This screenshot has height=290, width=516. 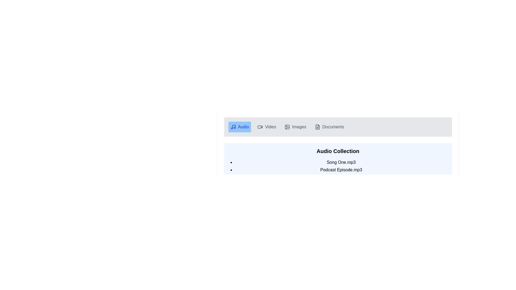 I want to click on the text display element containing 'Song One.mp3', which is the first item in the vertical list of the 'Audio Collection' section, so click(x=341, y=162).